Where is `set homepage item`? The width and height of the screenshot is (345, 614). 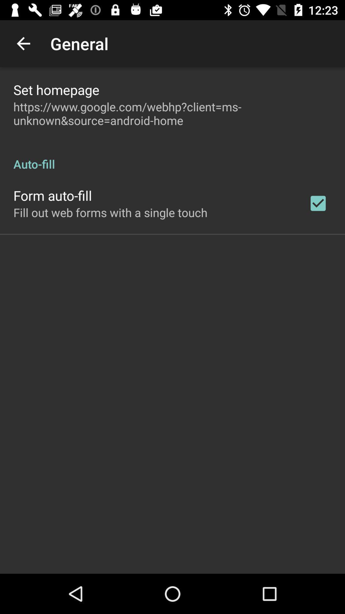
set homepage item is located at coordinates (56, 89).